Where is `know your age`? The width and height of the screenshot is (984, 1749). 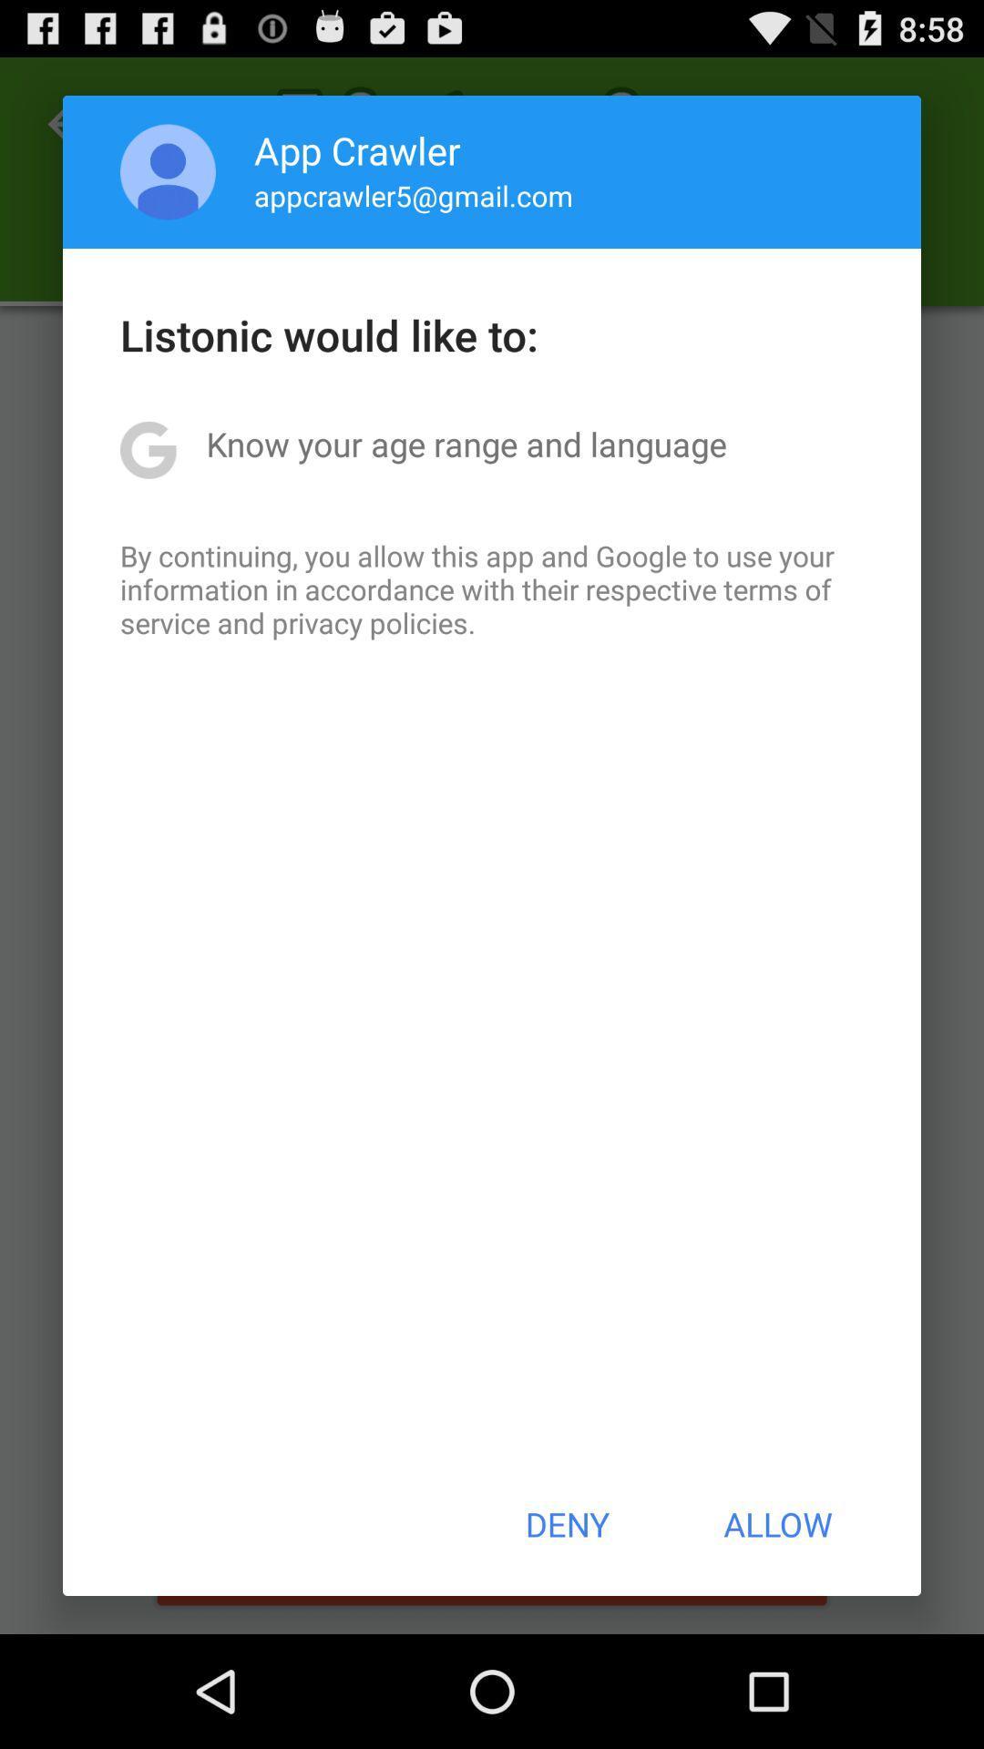 know your age is located at coordinates (466, 444).